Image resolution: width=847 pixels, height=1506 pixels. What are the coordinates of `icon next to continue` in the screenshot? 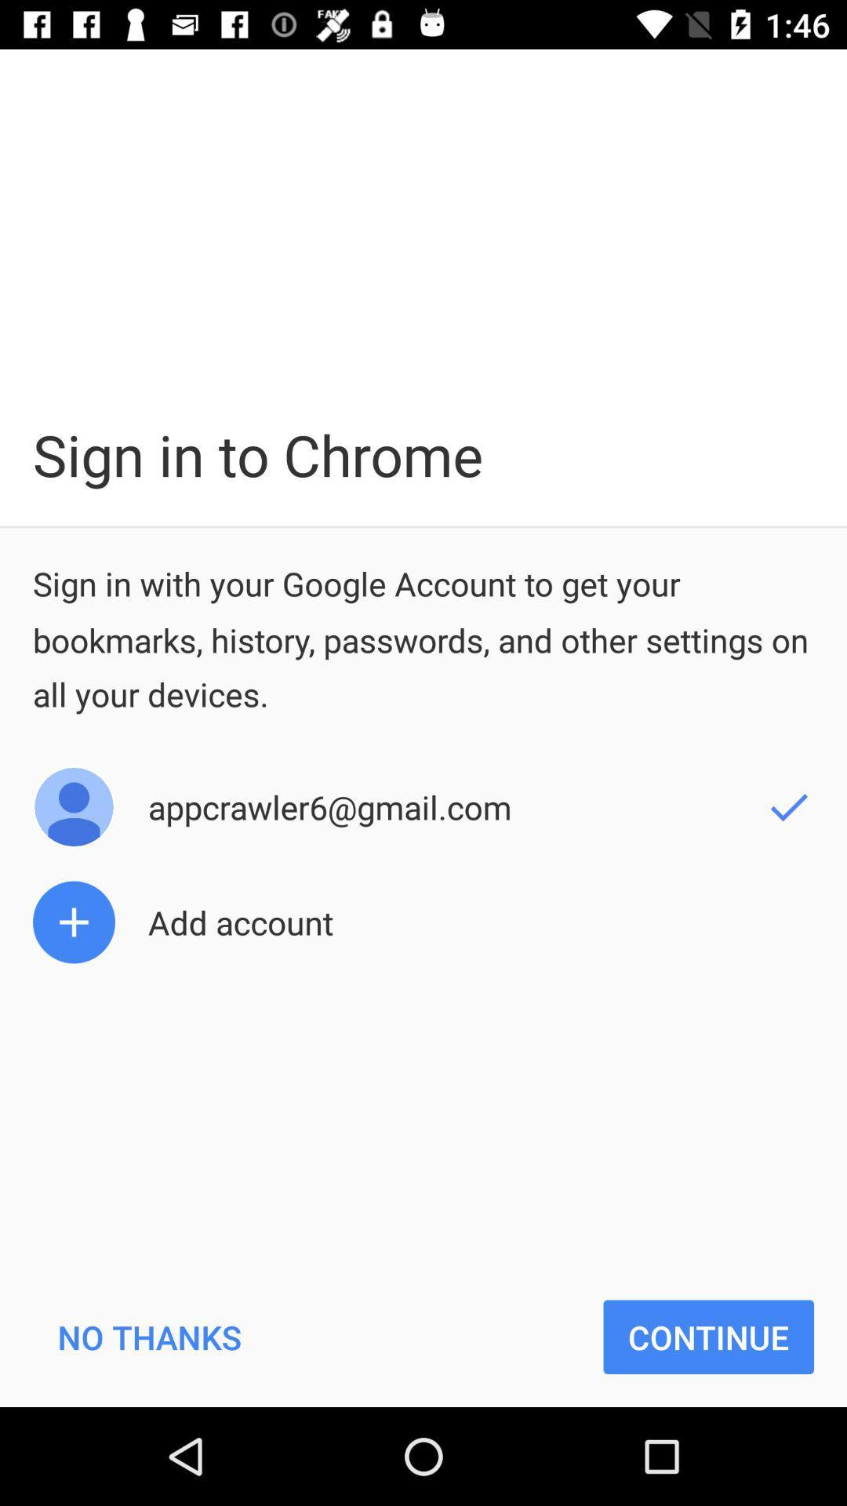 It's located at (149, 1336).